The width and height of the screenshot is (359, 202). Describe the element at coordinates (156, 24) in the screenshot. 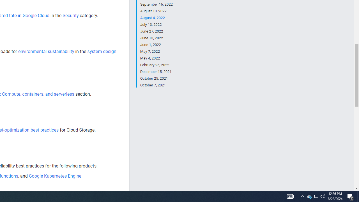

I see `'July 13, 2022'` at that location.